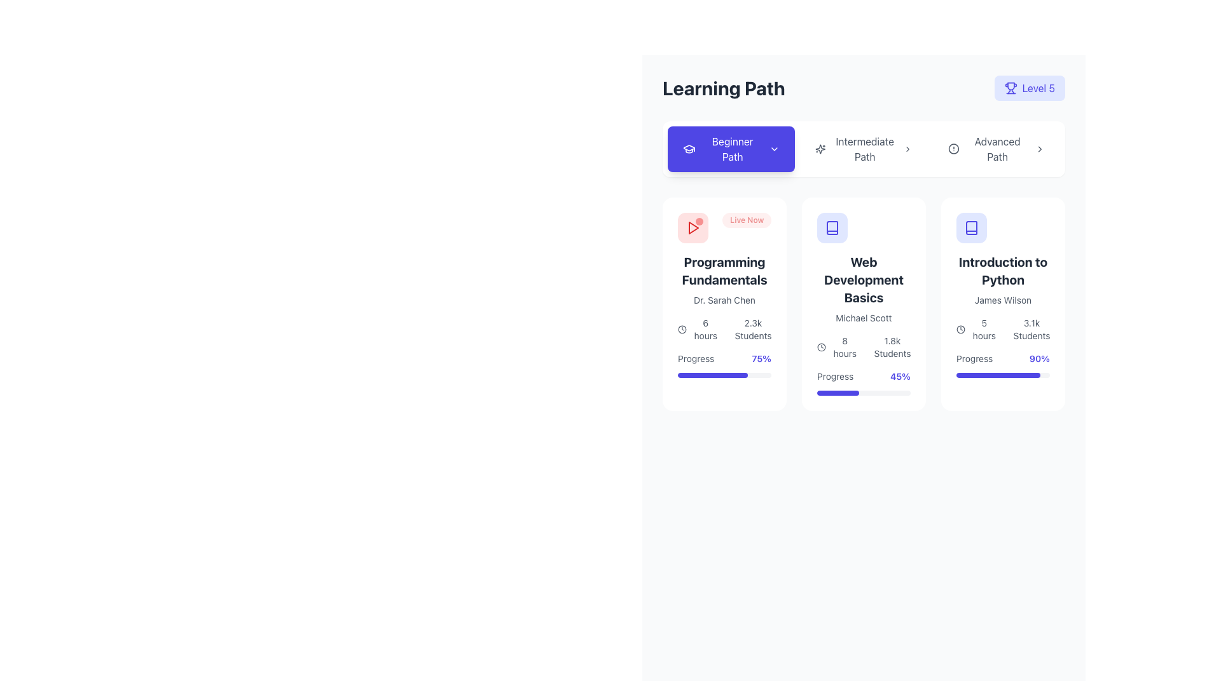 This screenshot has height=686, width=1221. I want to click on the trophy icon, which is a minimalist line drawing located in the top-right section of the interface, near the 'Level 5' label, so click(1010, 86).